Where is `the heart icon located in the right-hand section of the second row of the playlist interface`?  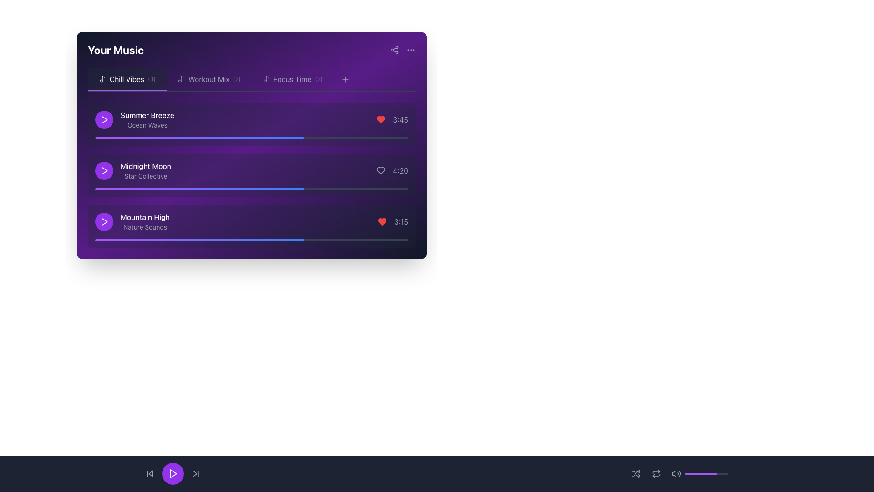
the heart icon located in the right-hand section of the second row of the playlist interface is located at coordinates (381, 170).